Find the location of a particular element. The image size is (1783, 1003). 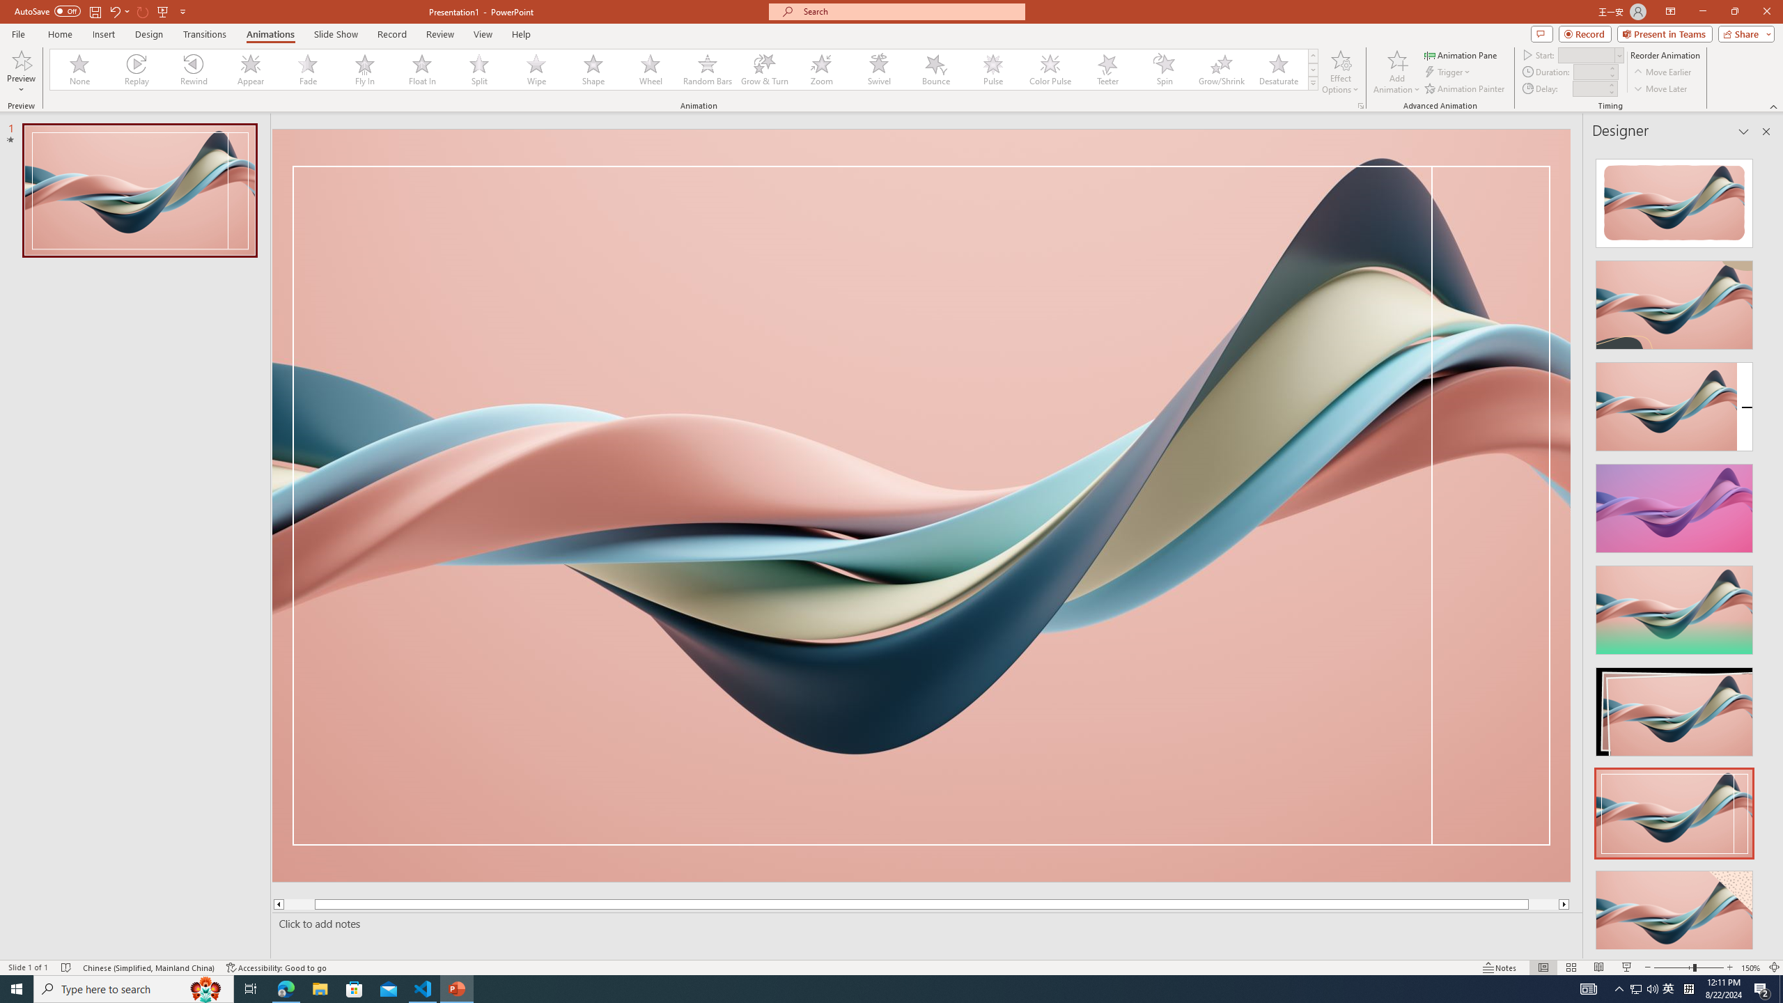

'None' is located at coordinates (79, 69).